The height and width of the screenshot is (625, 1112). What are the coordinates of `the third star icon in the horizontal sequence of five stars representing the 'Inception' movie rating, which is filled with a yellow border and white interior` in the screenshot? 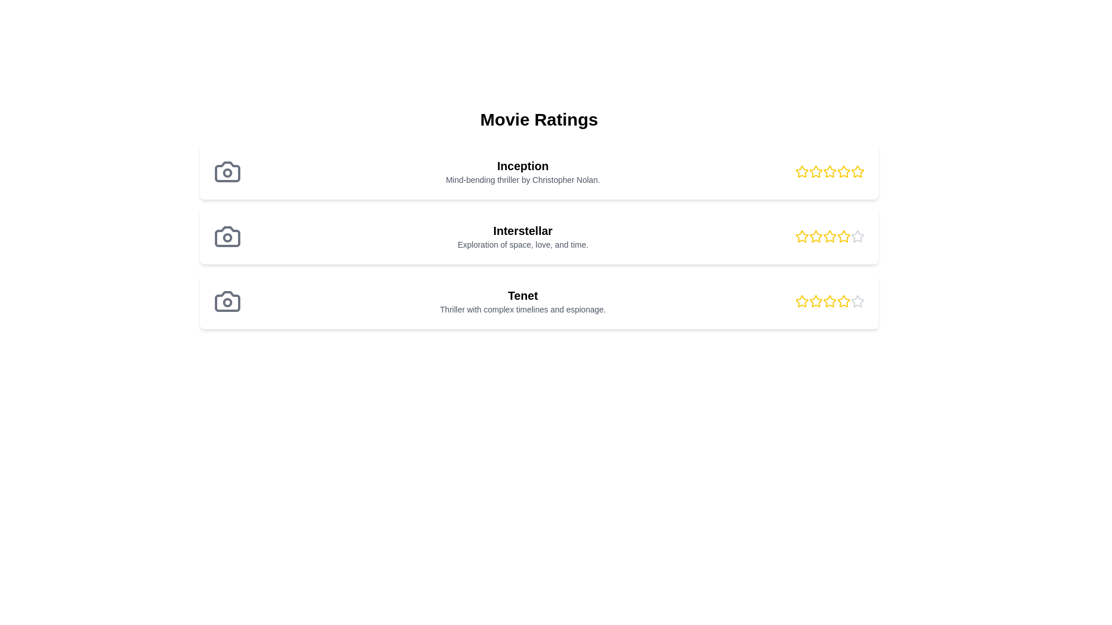 It's located at (829, 171).